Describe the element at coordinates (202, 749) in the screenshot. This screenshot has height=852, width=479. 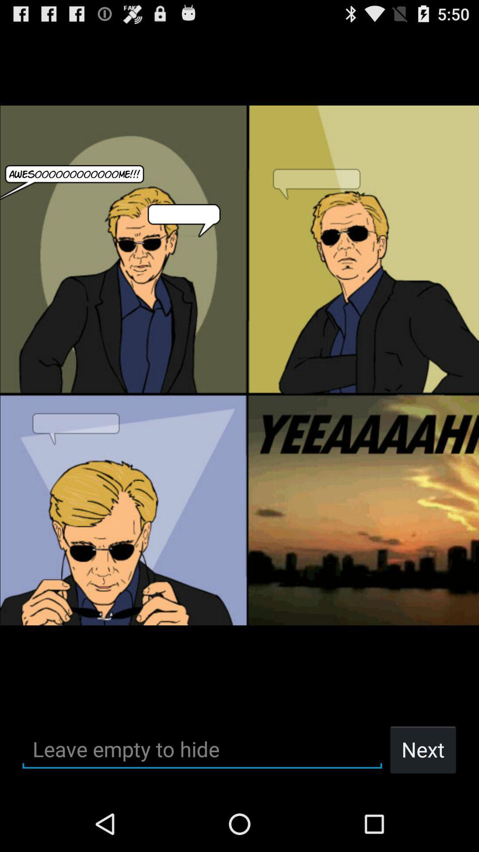
I see `search bar` at that location.